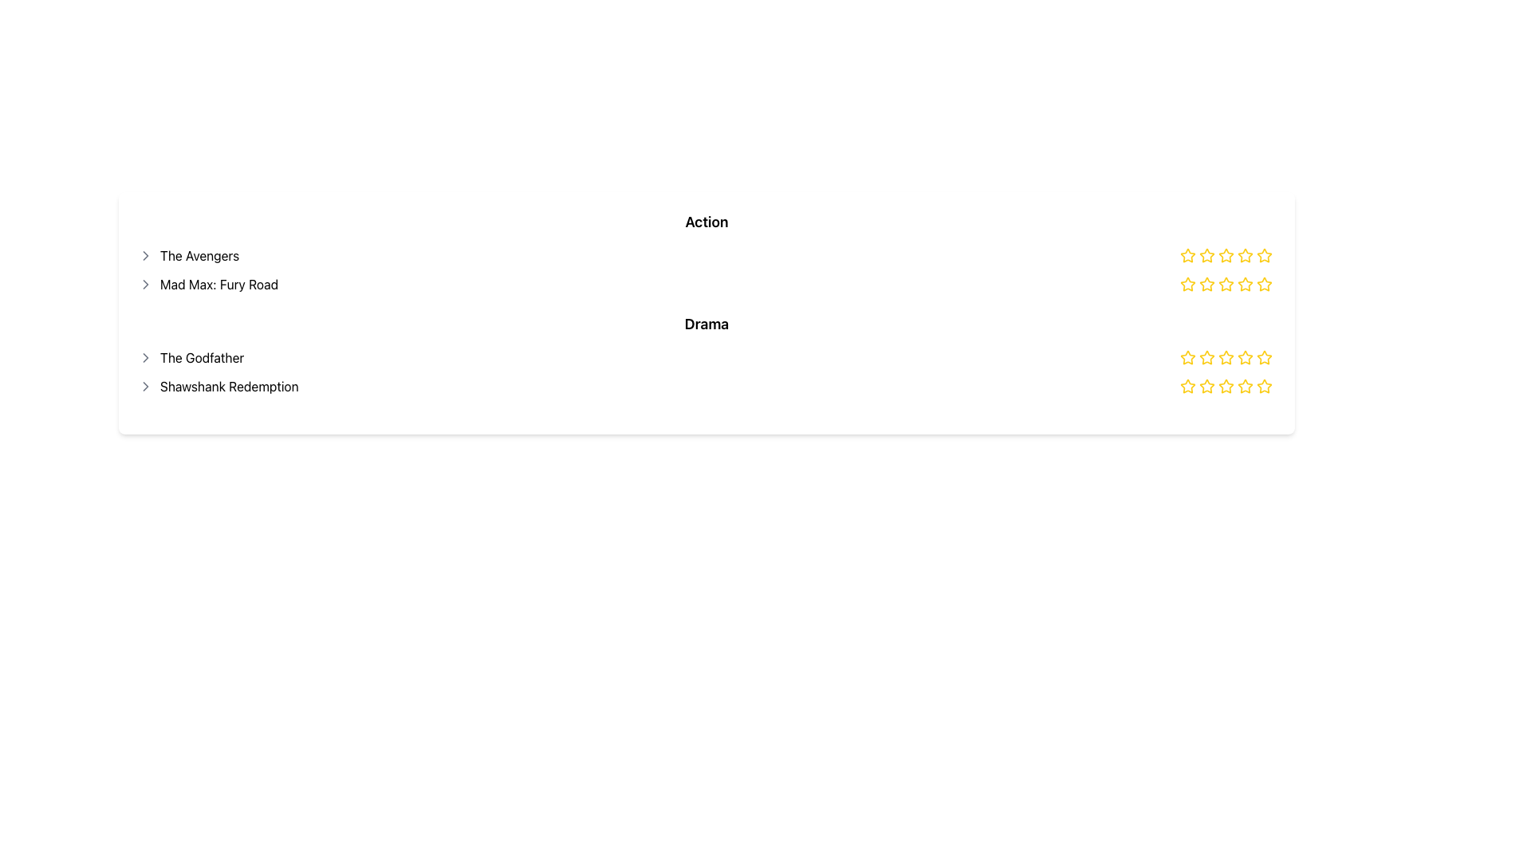  What do you see at coordinates (1263, 386) in the screenshot?
I see `the fifth star button in the rating section under the 'Drama' category` at bounding box center [1263, 386].